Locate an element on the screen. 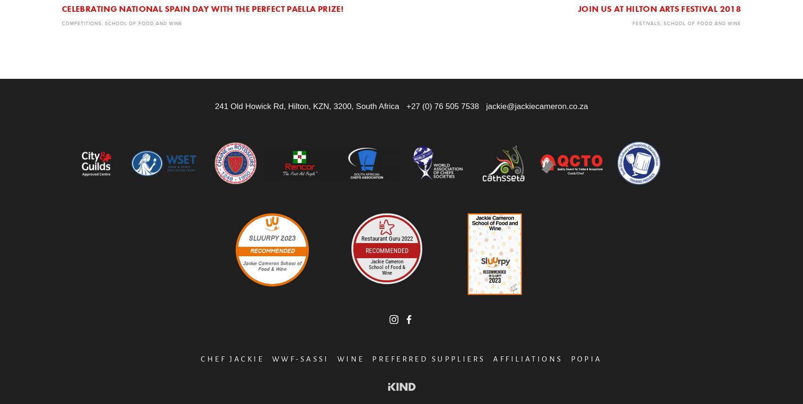 The width and height of the screenshot is (803, 404). '241 Old Howick Rd,' is located at coordinates (214, 106).